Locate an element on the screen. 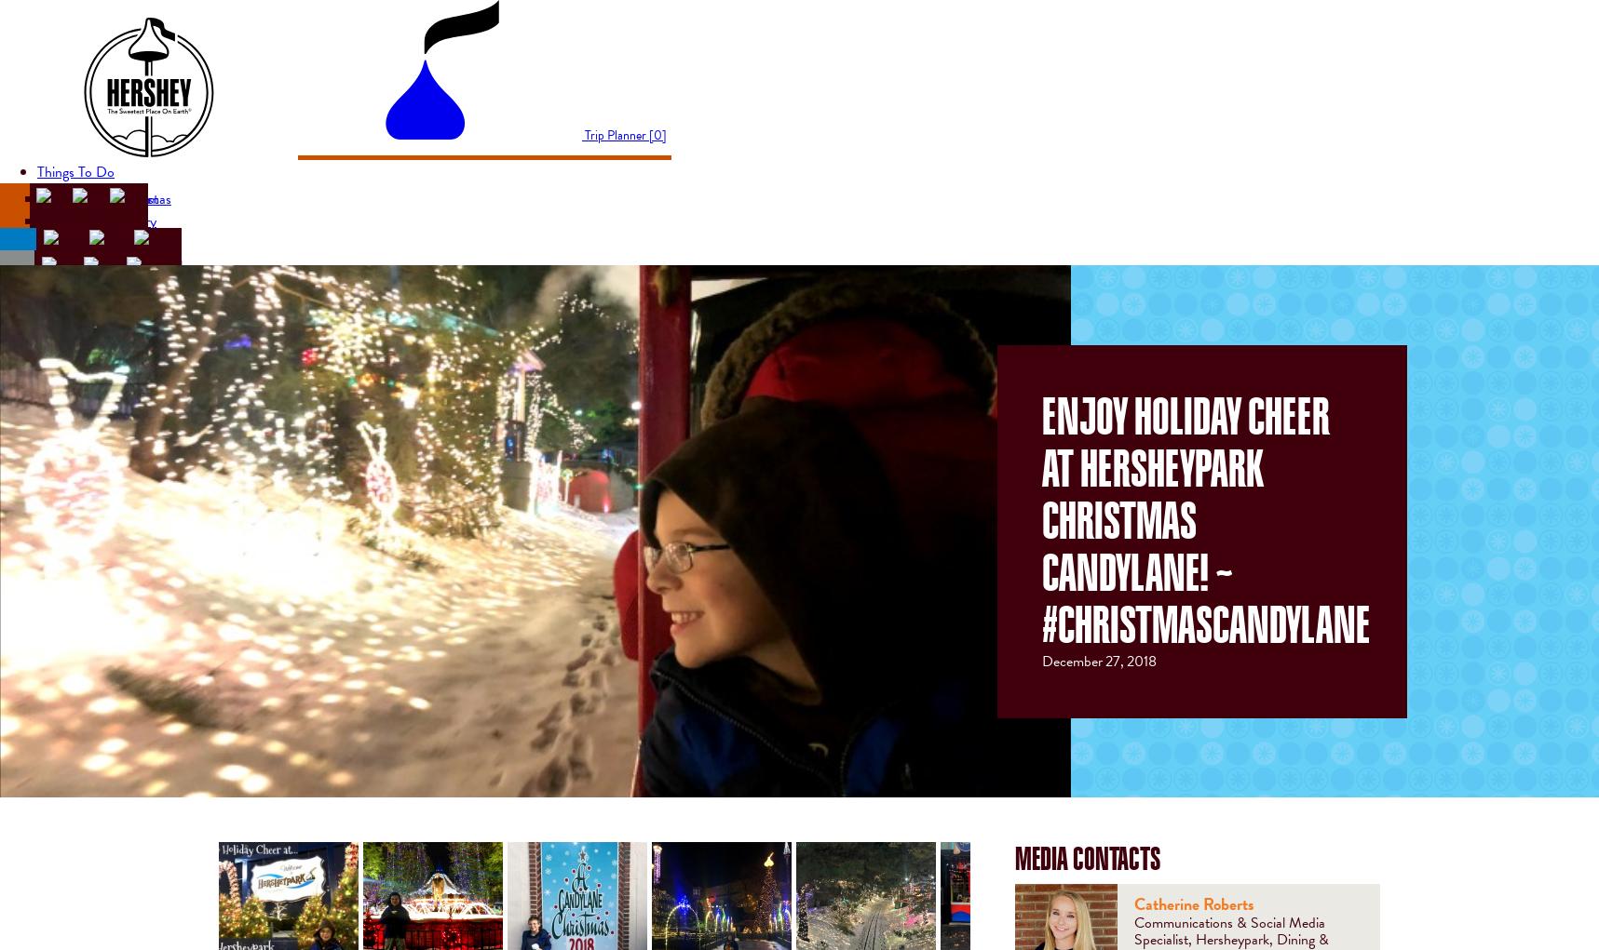 Image resolution: width=1599 pixels, height=950 pixels. 'Hersheypark' is located at coordinates (39, 197).